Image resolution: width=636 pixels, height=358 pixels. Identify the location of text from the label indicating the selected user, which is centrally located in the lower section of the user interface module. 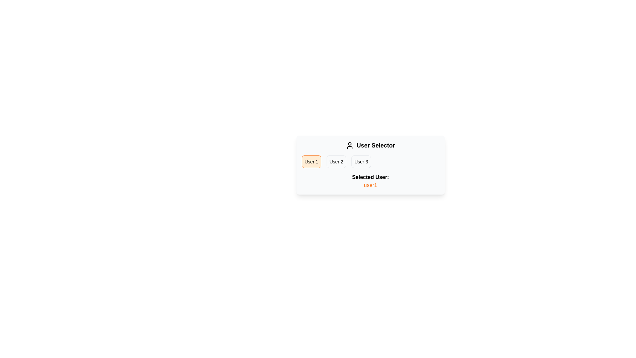
(370, 177).